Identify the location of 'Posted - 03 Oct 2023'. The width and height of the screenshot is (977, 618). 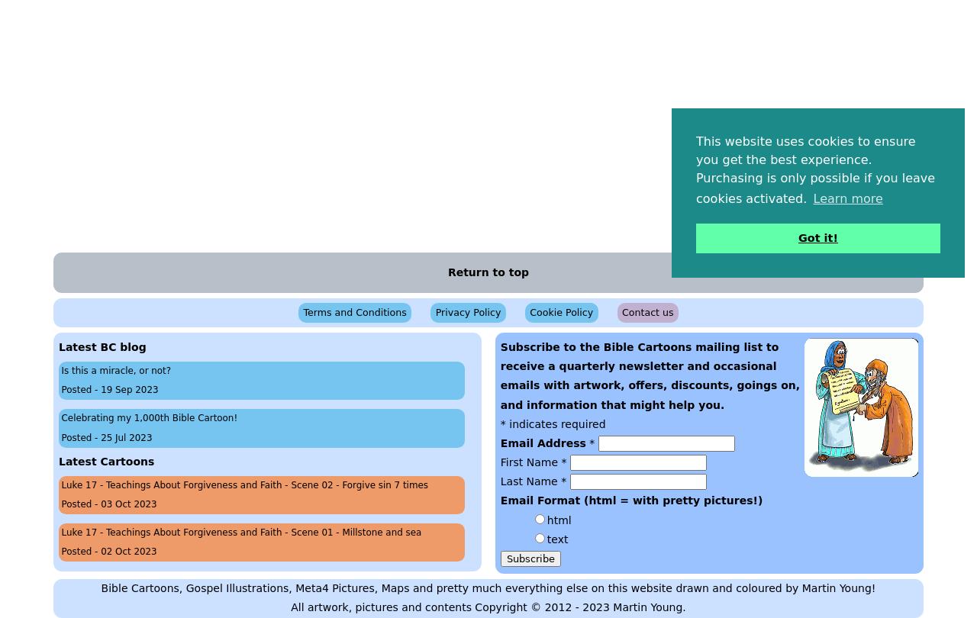
(108, 502).